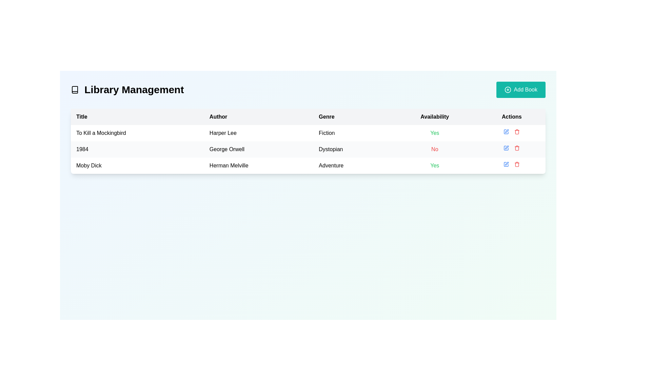 The height and width of the screenshot is (366, 651). What do you see at coordinates (517, 132) in the screenshot?
I see `the delete icon button located in the 'Actions' column of the table for the book 'Moby Dick' in the third row` at bounding box center [517, 132].